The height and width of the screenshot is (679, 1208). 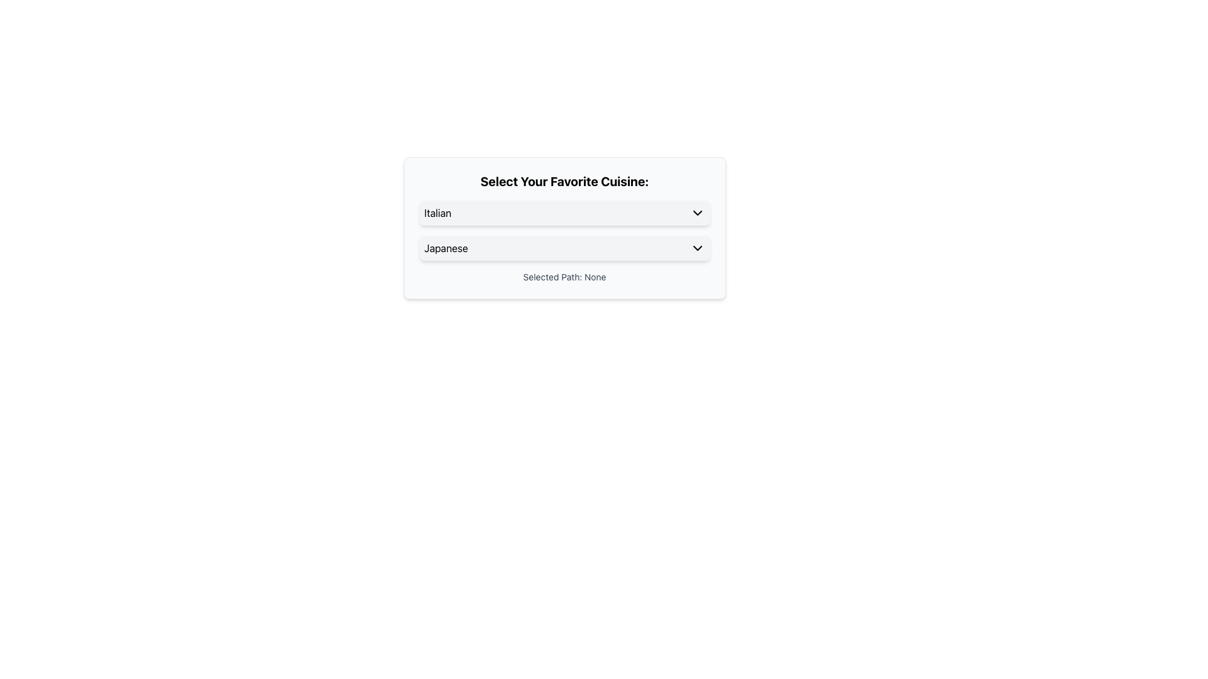 What do you see at coordinates (564, 213) in the screenshot?
I see `the first dropdown menu under the section titled 'Select Your Favorite Cuisine:'` at bounding box center [564, 213].